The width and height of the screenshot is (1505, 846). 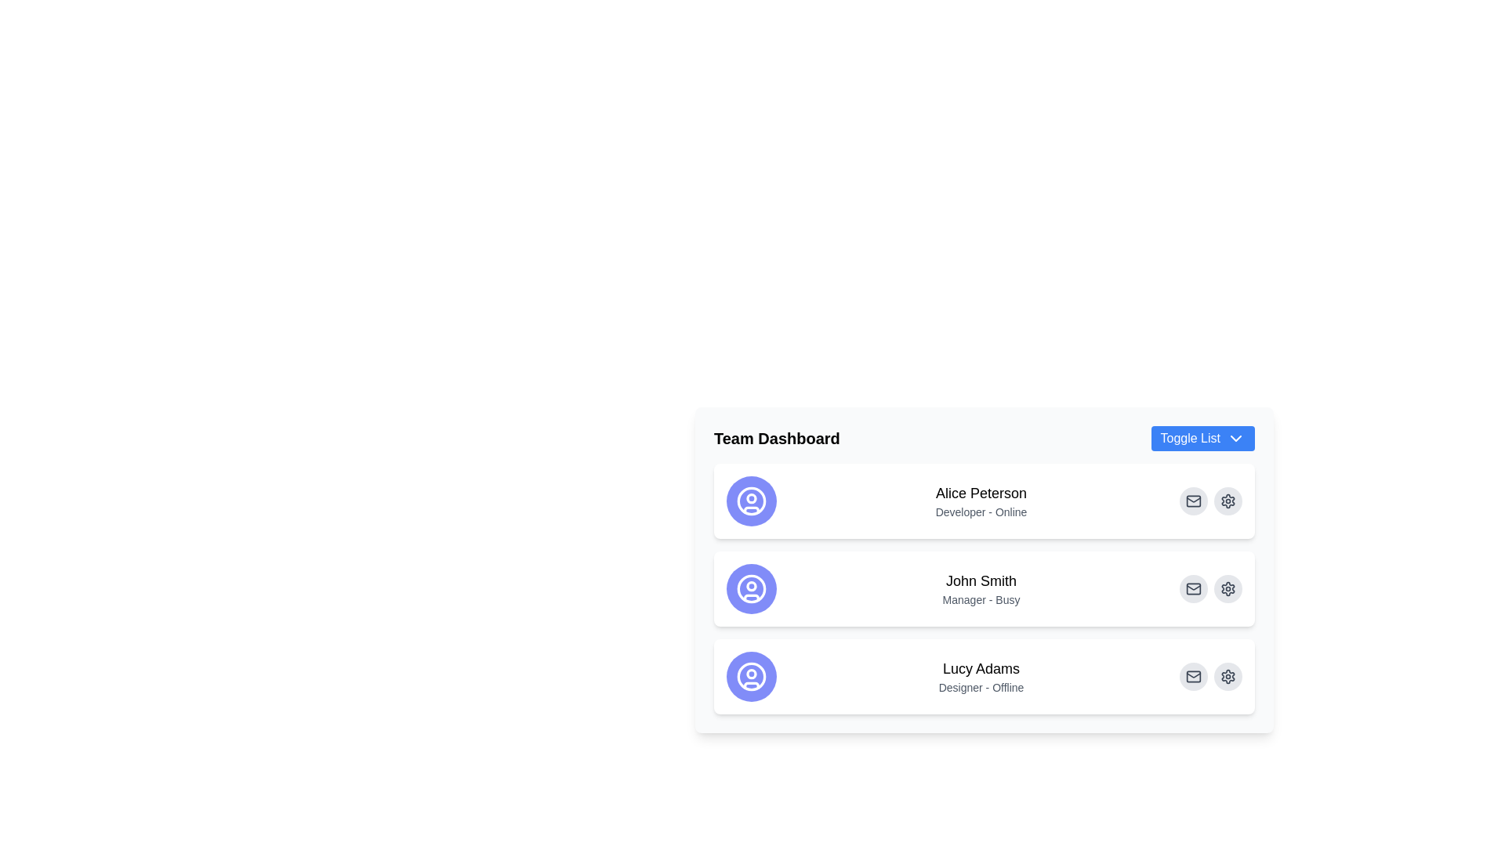 What do you see at coordinates (1235, 438) in the screenshot?
I see `the small triangular drop-down icon located to the right of the 'Toggle List' button in the upper-right corner of the content area` at bounding box center [1235, 438].